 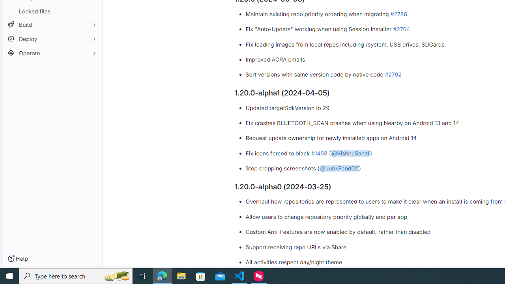 I want to click on 'Locked files', so click(x=51, y=11).